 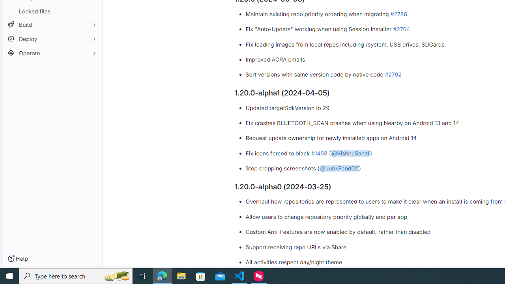 I want to click on 'Locked files', so click(x=51, y=11).